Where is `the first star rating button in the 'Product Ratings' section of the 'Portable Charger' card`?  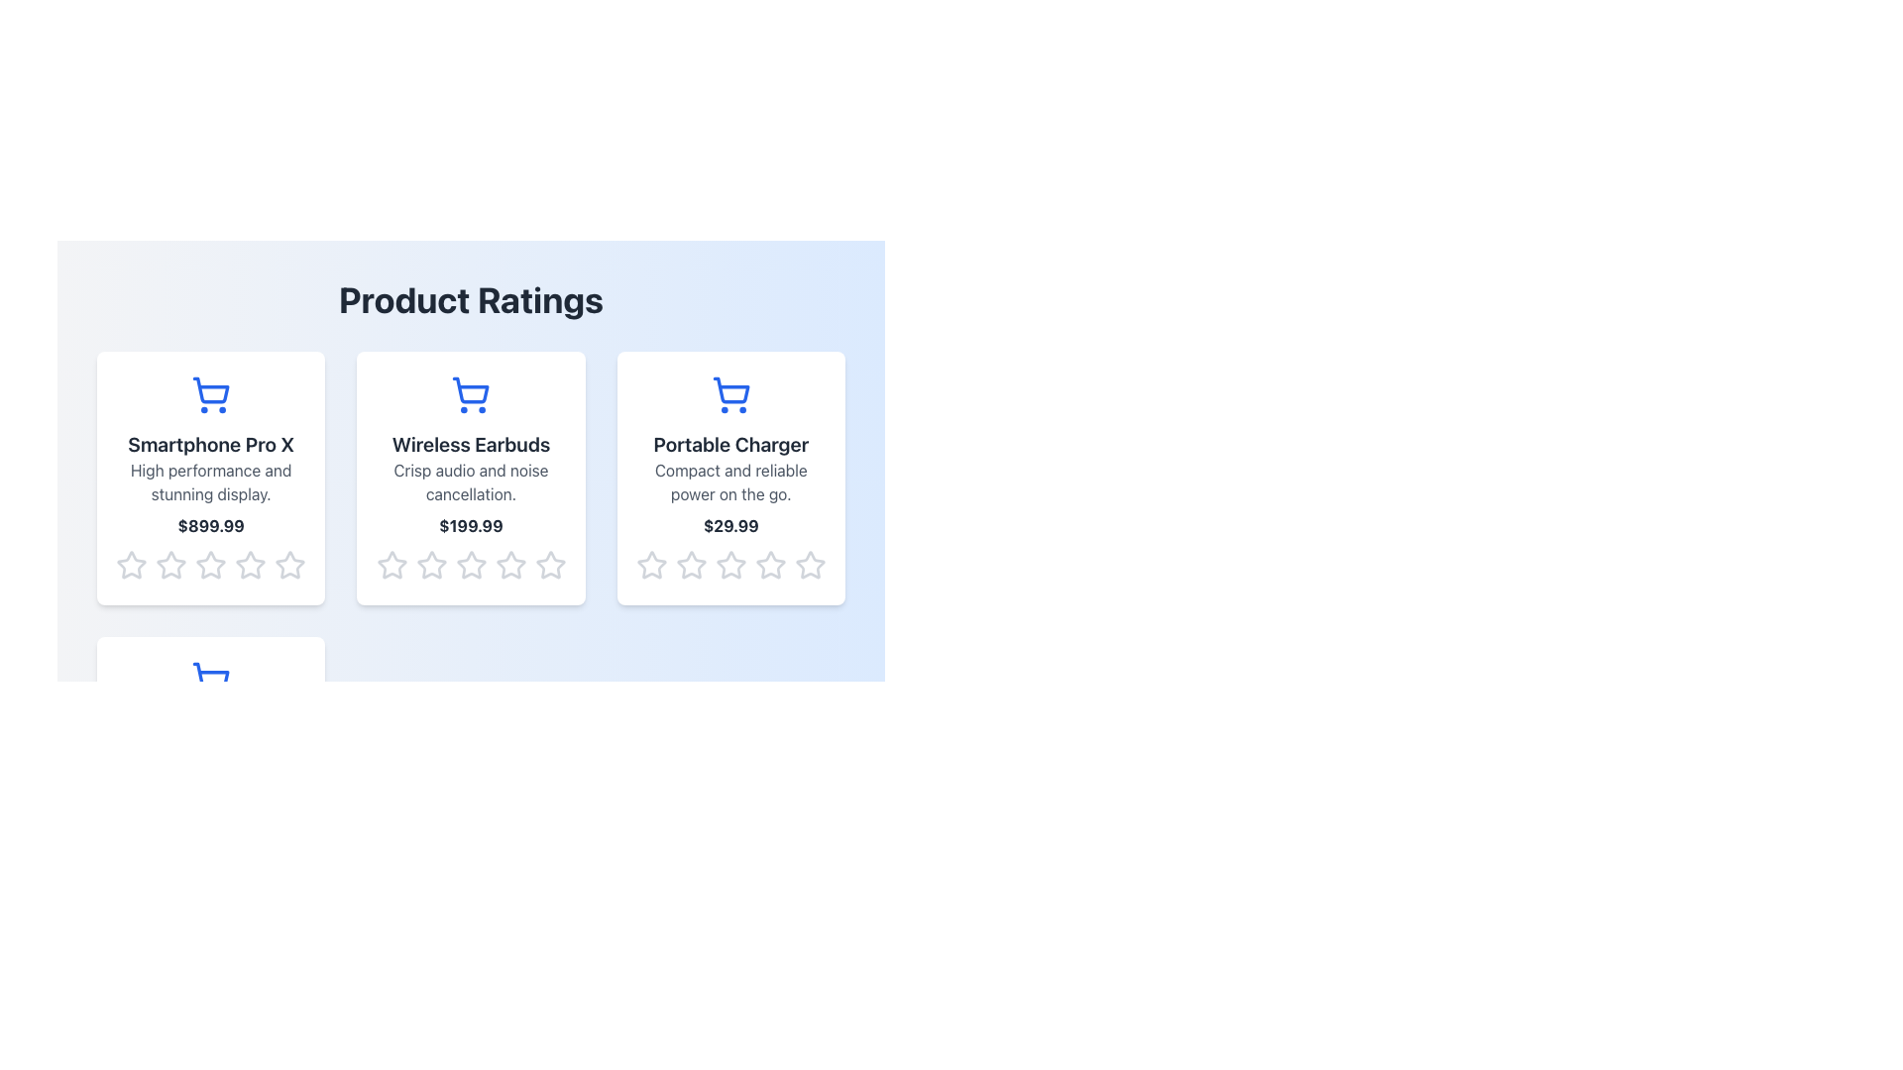
the first star rating button in the 'Product Ratings' section of the 'Portable Charger' card is located at coordinates (651, 565).